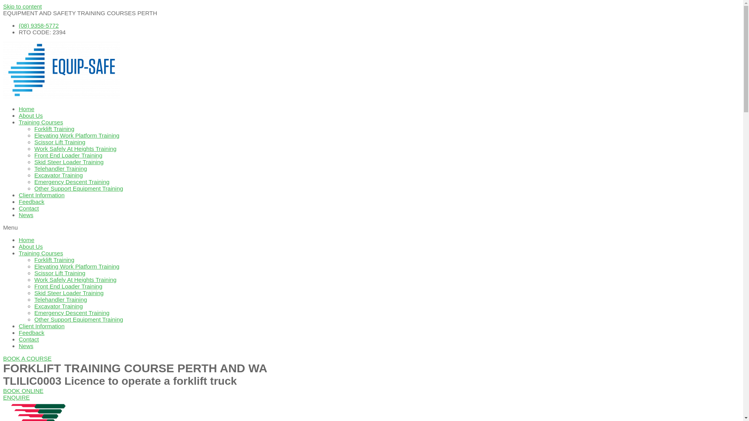 The width and height of the screenshot is (749, 421). I want to click on 'Excavator Training', so click(58, 175).